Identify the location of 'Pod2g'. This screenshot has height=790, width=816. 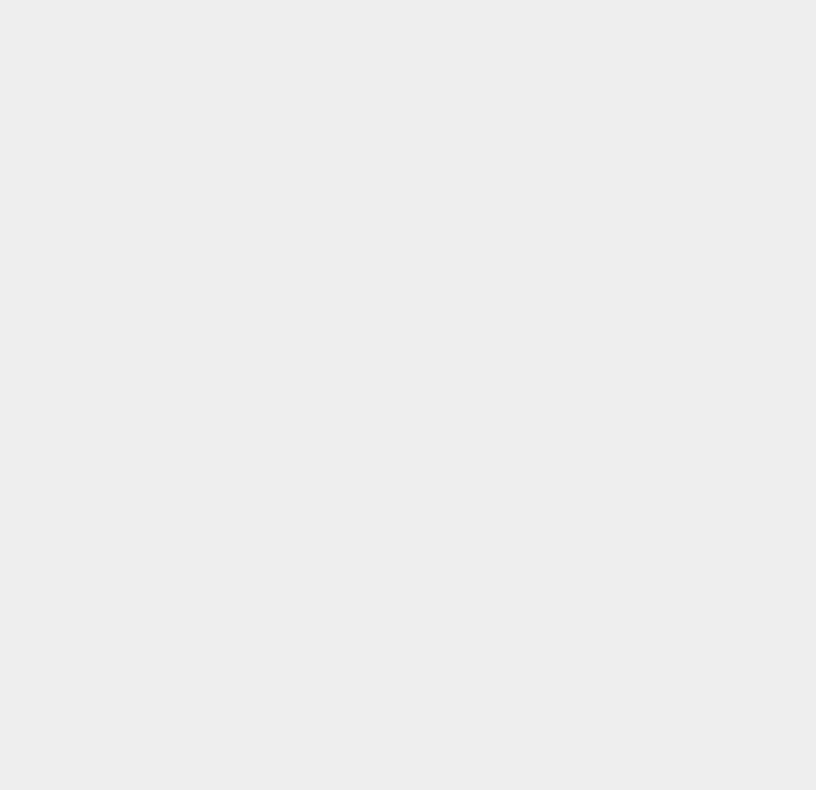
(592, 16).